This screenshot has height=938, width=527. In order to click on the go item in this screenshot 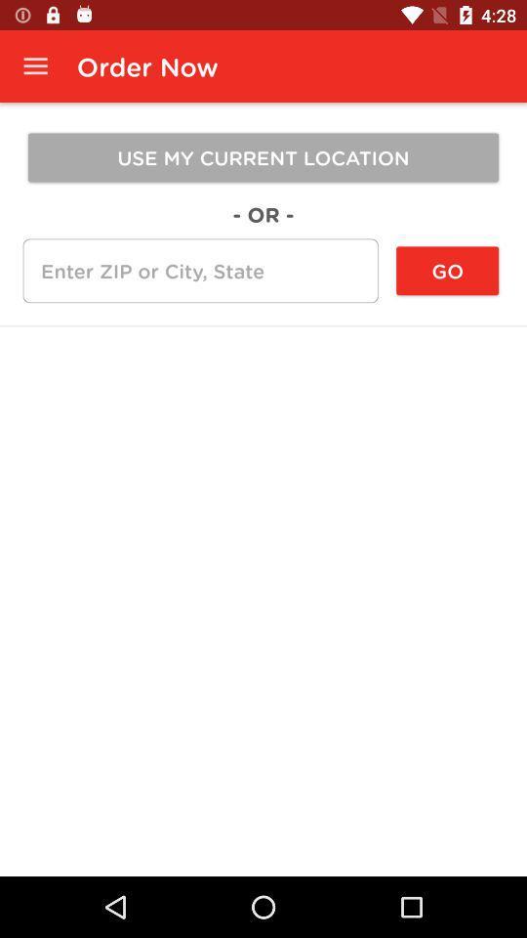, I will do `click(447, 270)`.